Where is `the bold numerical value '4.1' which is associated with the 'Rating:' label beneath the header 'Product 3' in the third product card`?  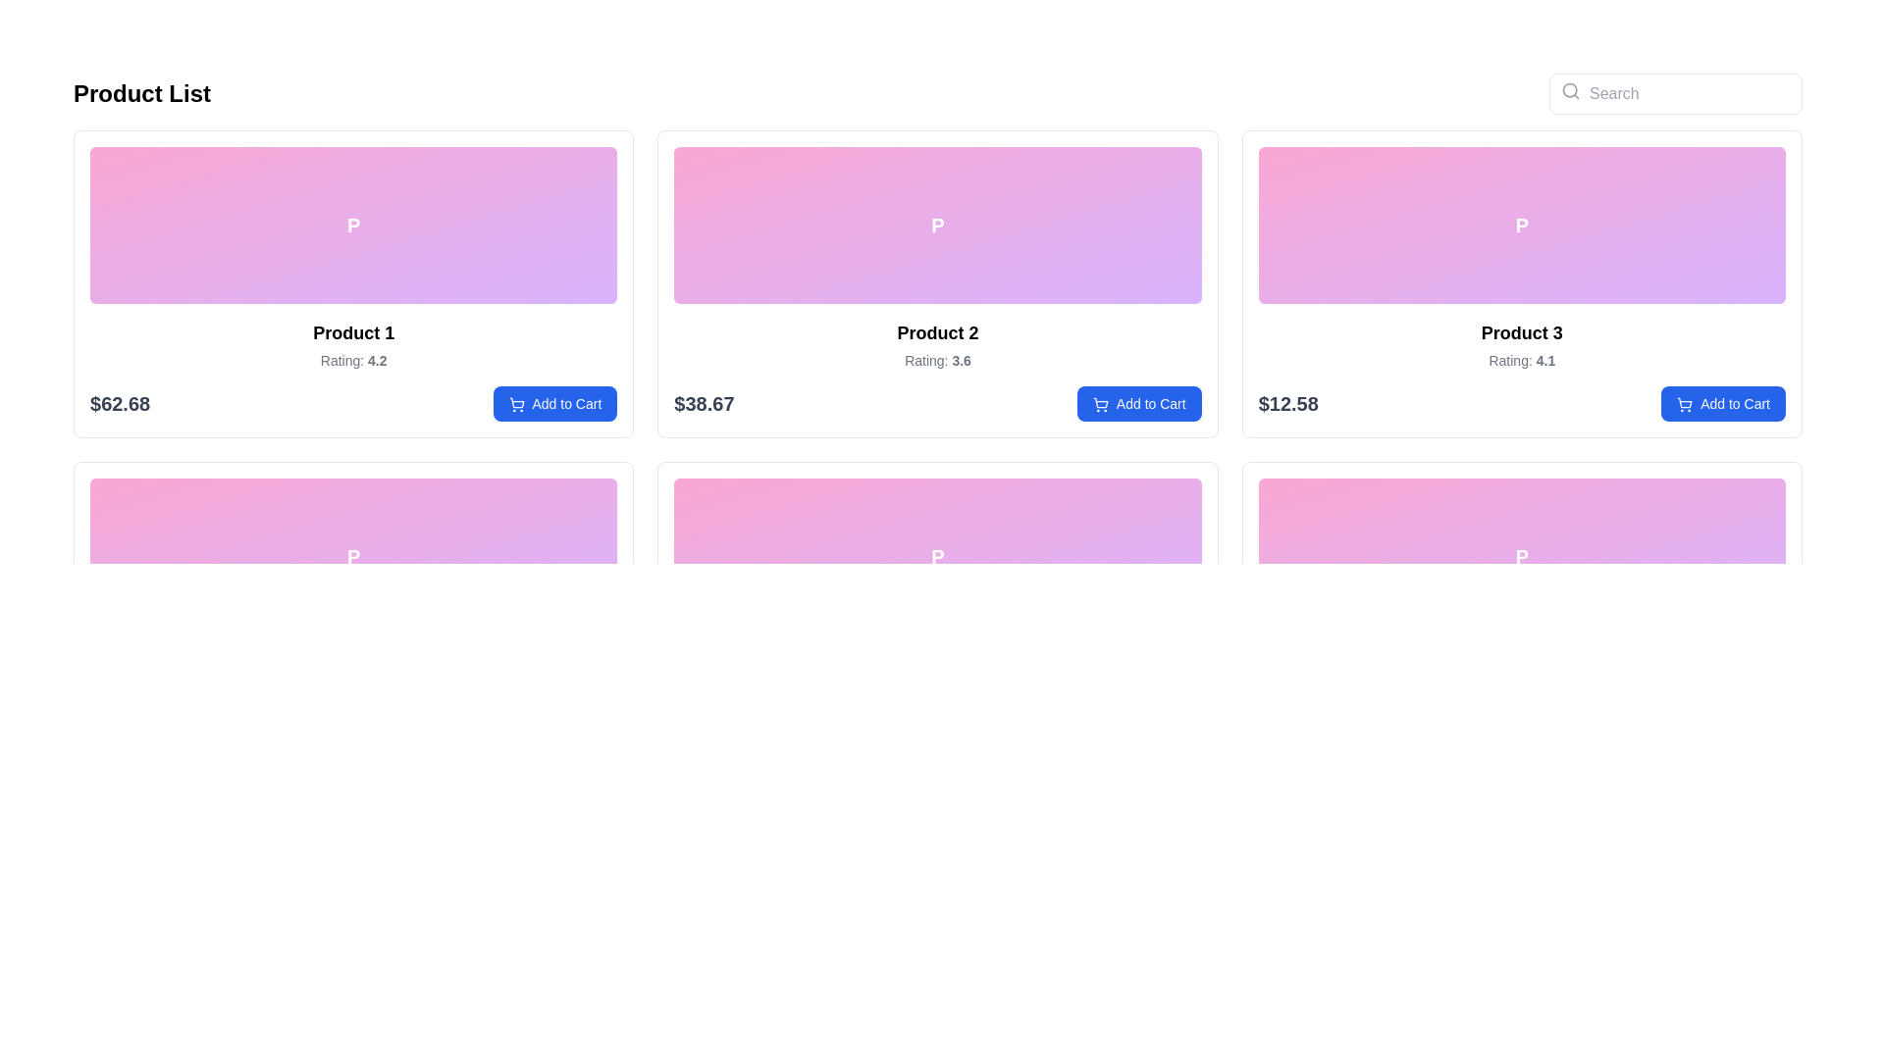 the bold numerical value '4.1' which is associated with the 'Rating:' label beneath the header 'Product 3' in the third product card is located at coordinates (1544, 360).